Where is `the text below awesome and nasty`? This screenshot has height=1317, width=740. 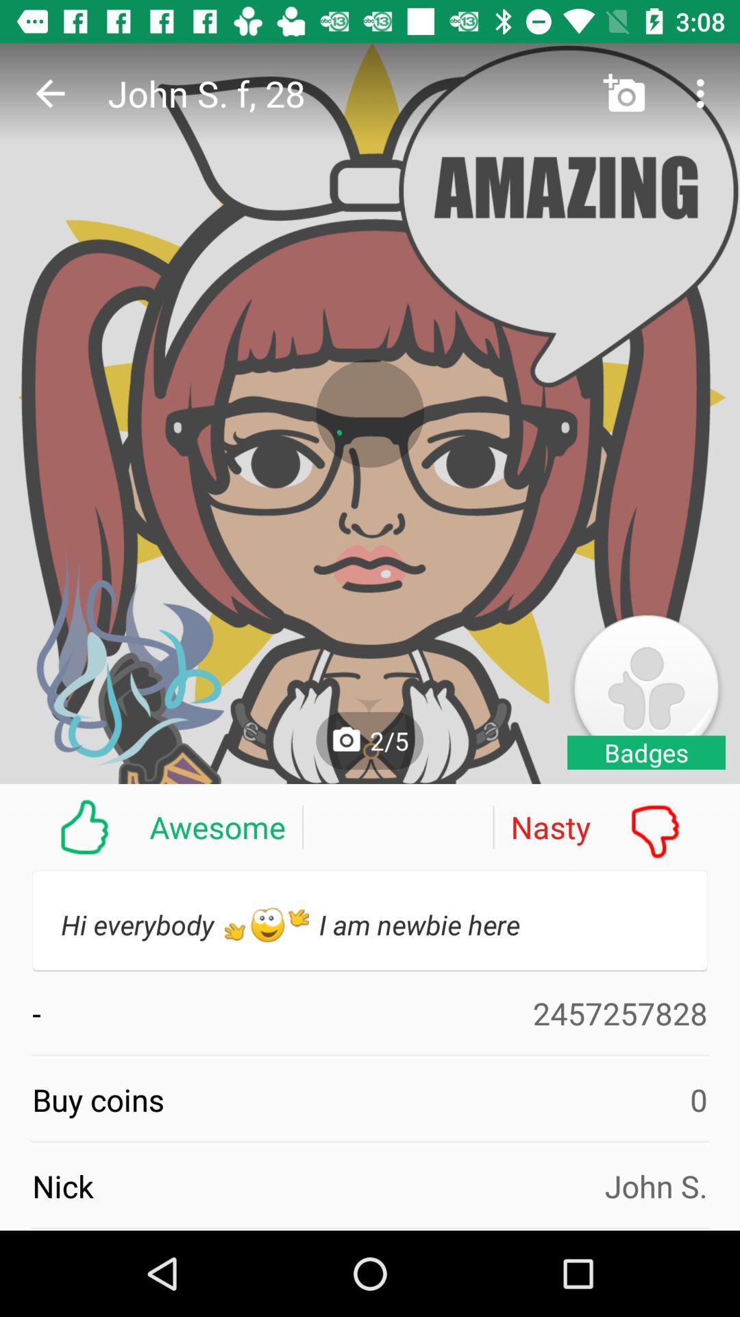 the text below awesome and nasty is located at coordinates (370, 921).